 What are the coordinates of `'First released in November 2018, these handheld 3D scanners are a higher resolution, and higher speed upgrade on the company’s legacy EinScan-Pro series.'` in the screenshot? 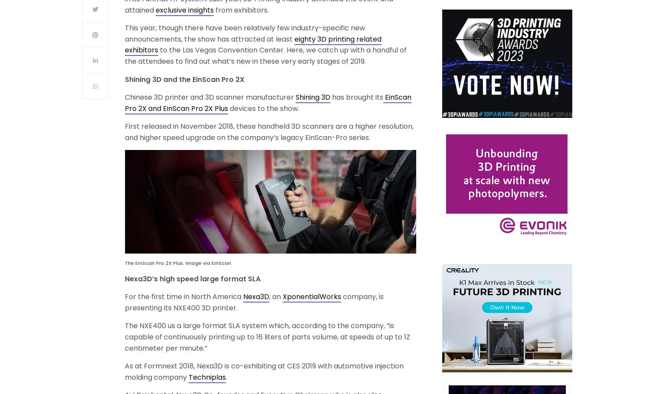 It's located at (269, 131).